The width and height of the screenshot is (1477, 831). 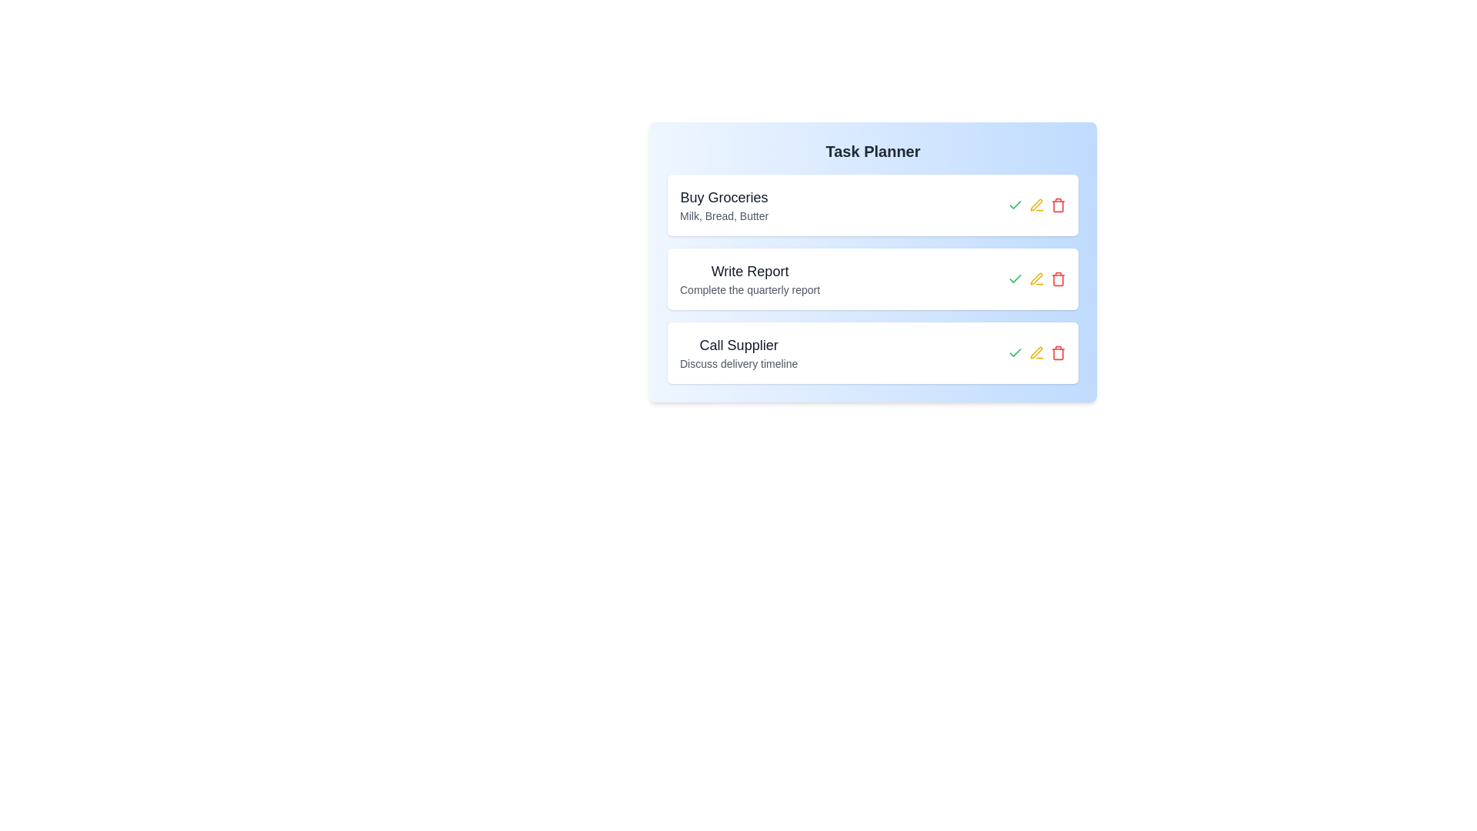 I want to click on the delete button for the task titled 'Buy Groceries', so click(x=1058, y=204).